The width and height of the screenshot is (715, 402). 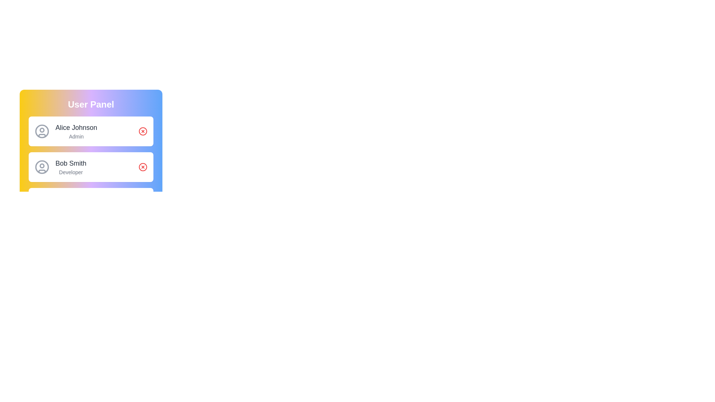 I want to click on the circular gray user profile icon located at the top-left corner of the user card associated with 'Alice Johnson', who has the role 'Admin', so click(x=42, y=131).